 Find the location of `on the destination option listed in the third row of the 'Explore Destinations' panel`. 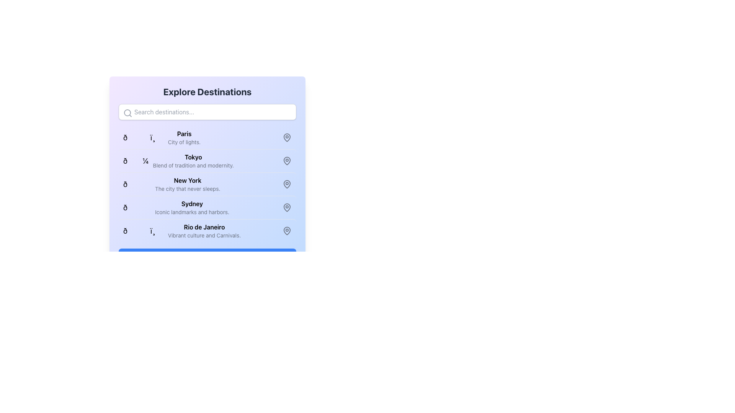

on the destination option listed in the third row of the 'Explore Destinations' panel is located at coordinates (171, 184).